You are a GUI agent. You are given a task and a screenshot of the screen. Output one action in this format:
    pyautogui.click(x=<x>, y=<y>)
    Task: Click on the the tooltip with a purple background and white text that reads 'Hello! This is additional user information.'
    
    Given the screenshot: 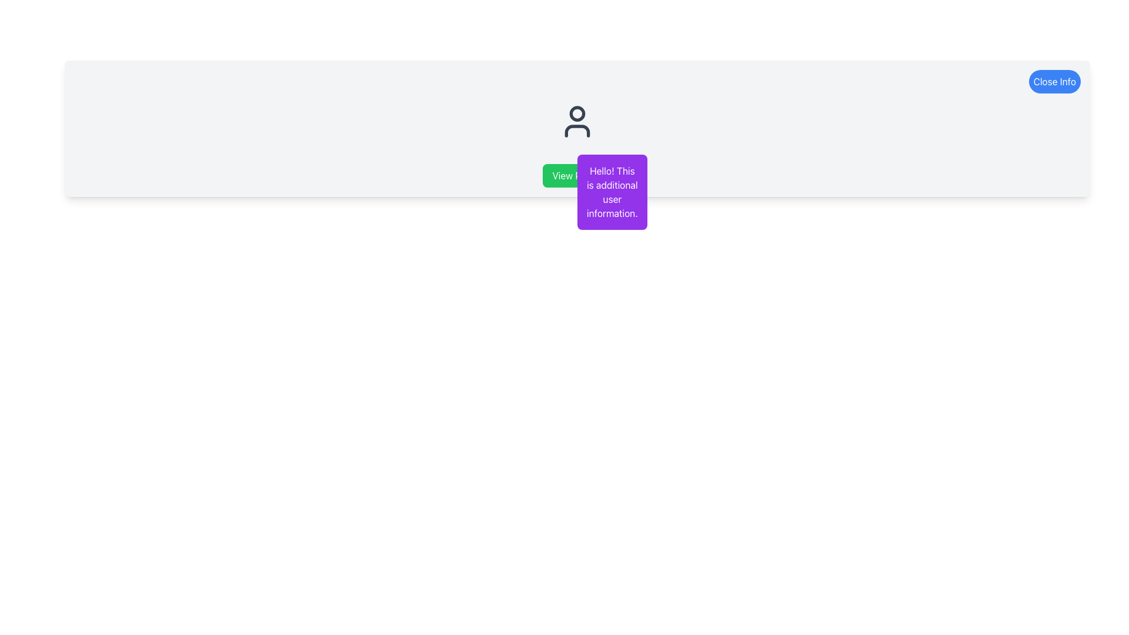 What is the action you would take?
    pyautogui.click(x=612, y=192)
    